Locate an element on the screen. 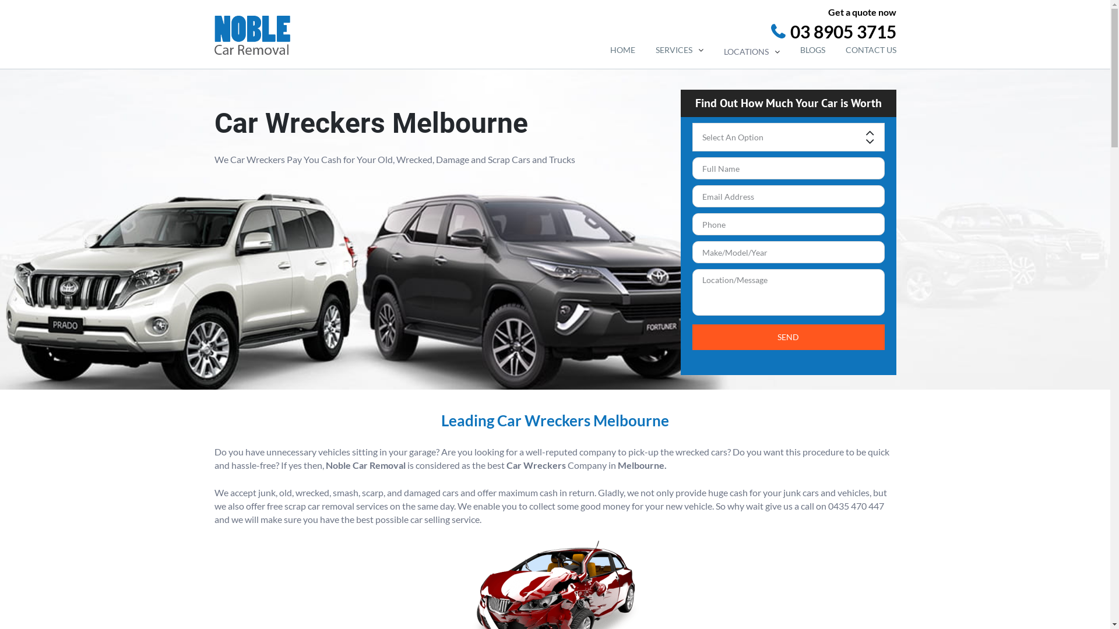  'LOCATIONS' is located at coordinates (752, 50).